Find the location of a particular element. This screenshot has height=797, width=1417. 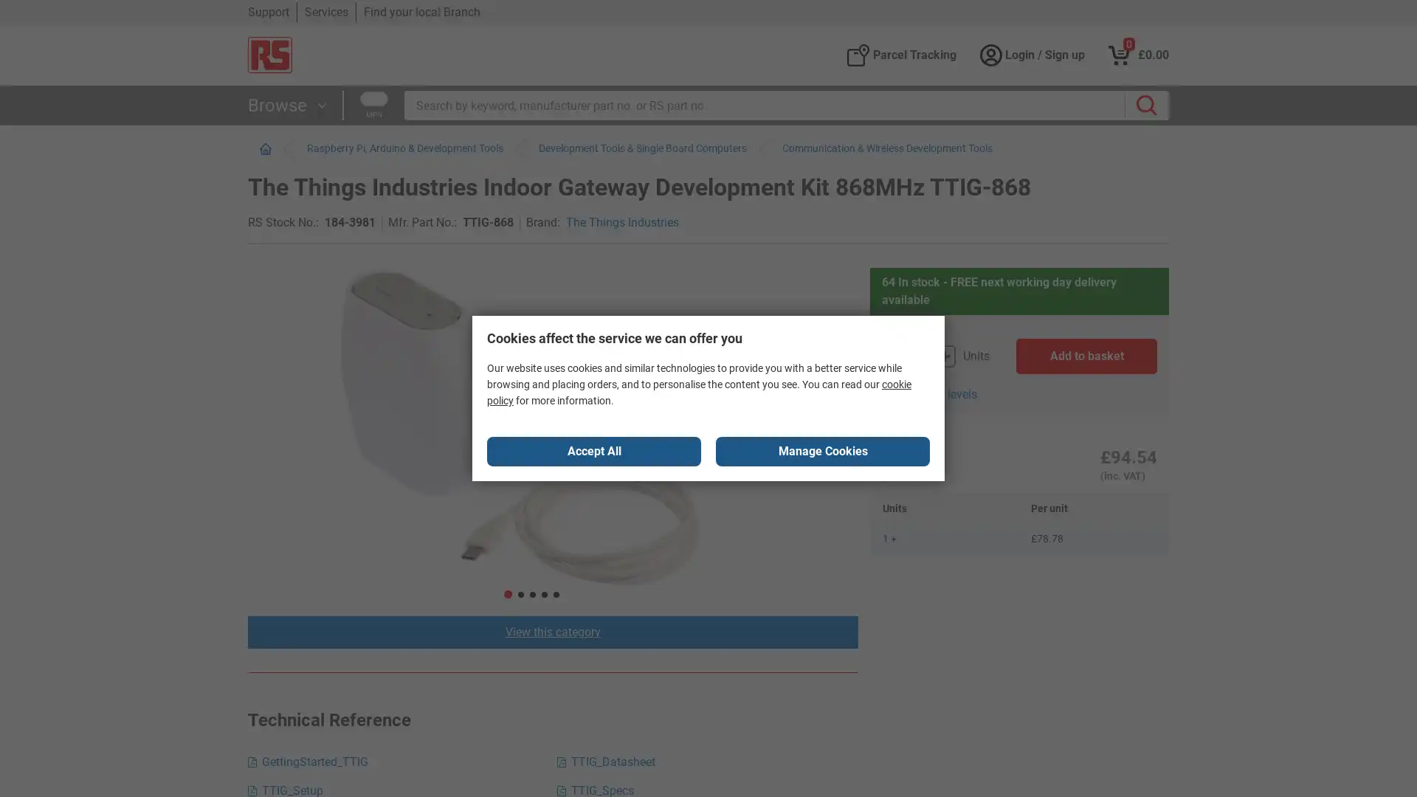

Browse is located at coordinates (289, 104).